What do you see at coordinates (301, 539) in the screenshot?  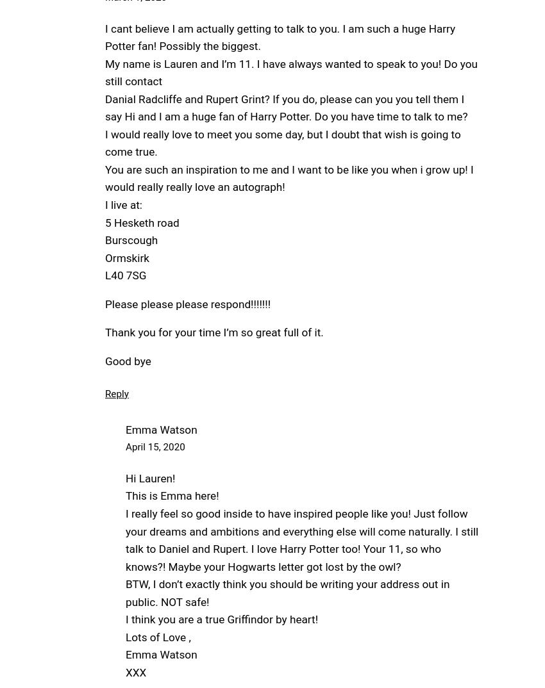 I see `'I really feel so good inside to have inspired people like you! Just follow your dreams and ambitions and everything else will come naturally. I still talk to Daniel and Rupert. I  love Harry Potter too! Your 11, so who knows?! Maybe your Hogwarts letter got lost by the owl?'` at bounding box center [301, 539].